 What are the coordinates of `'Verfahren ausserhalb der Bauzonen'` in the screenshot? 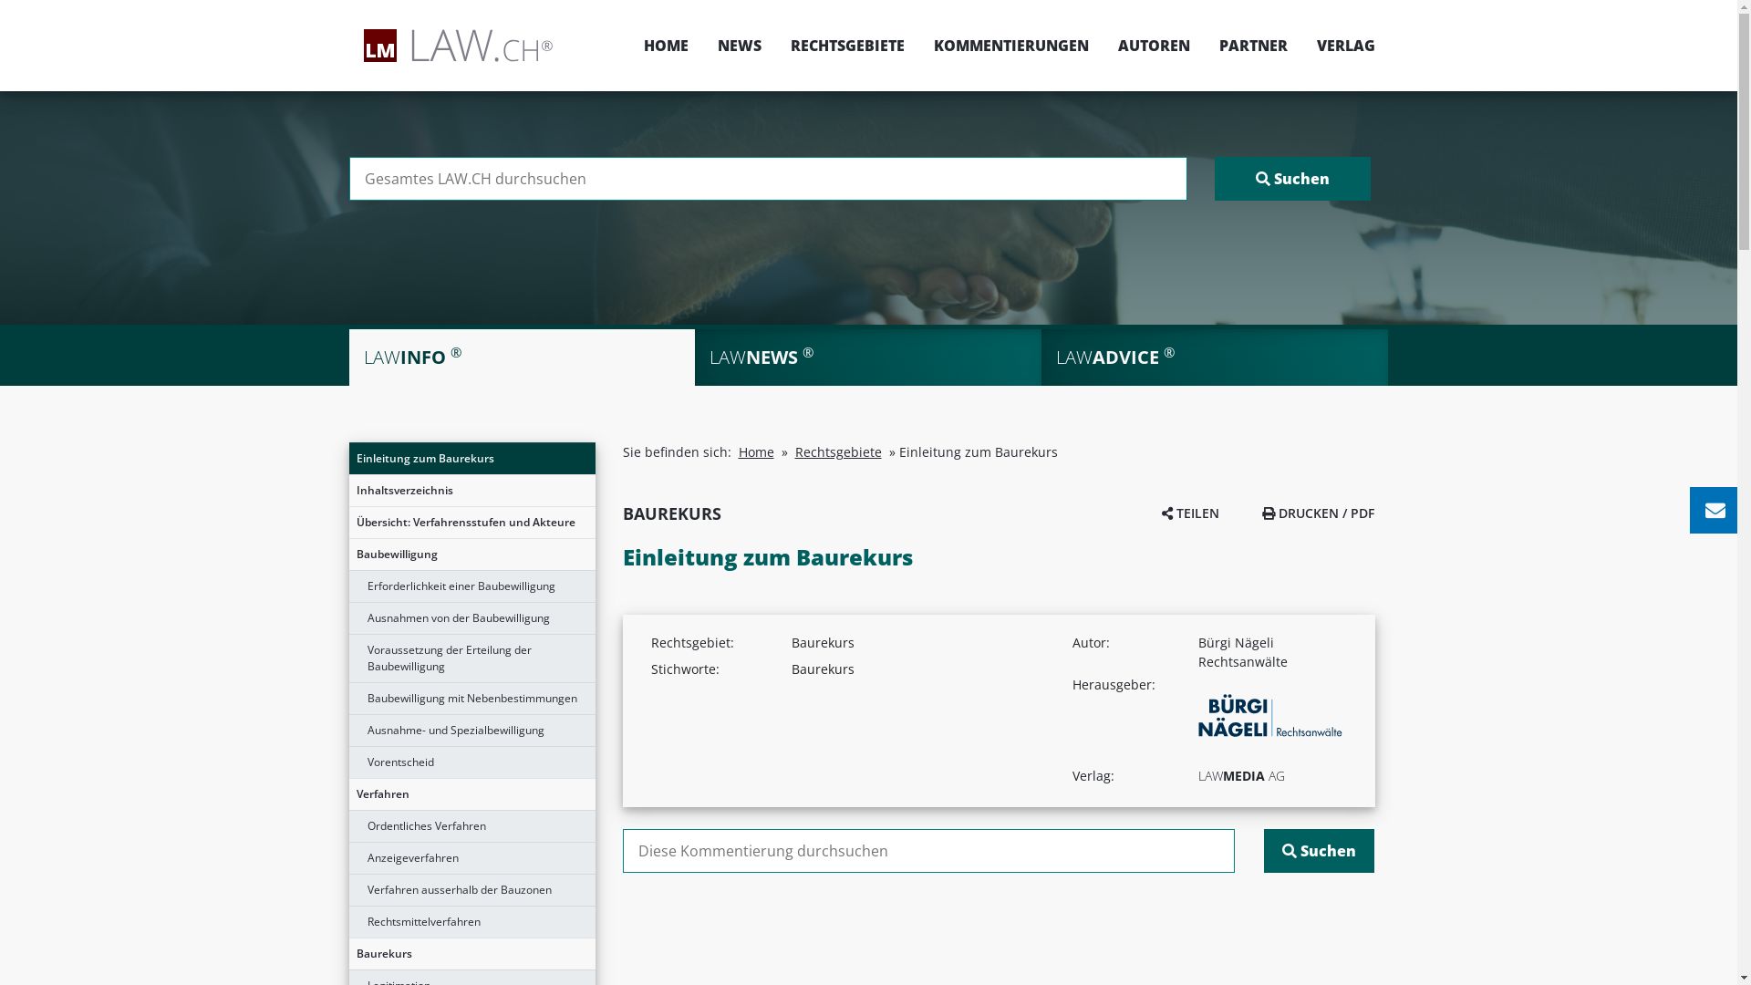 It's located at (471, 888).